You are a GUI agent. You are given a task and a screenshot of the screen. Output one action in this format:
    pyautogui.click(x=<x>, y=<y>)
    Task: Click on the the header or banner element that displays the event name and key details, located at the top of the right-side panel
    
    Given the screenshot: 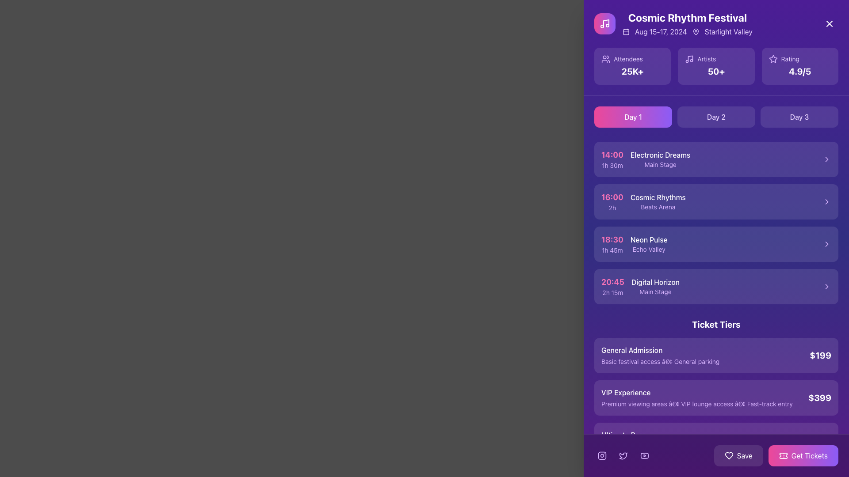 What is the action you would take?
    pyautogui.click(x=673, y=23)
    